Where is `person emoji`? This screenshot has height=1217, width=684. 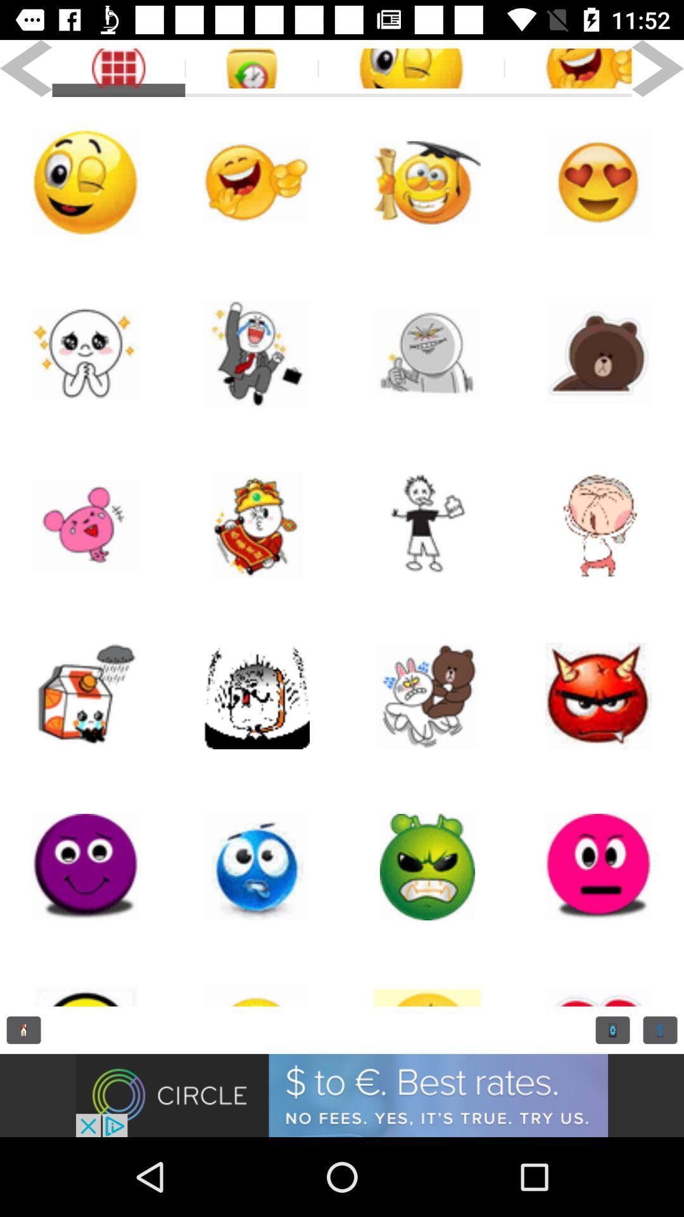 person emoji is located at coordinates (598, 525).